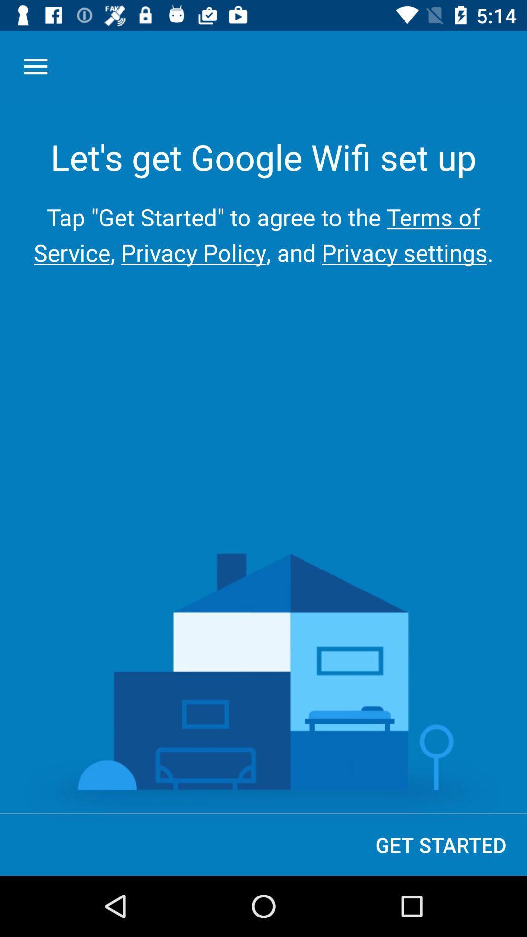 Image resolution: width=527 pixels, height=937 pixels. Describe the element at coordinates (35, 66) in the screenshot. I see `icon at the top left corner` at that location.